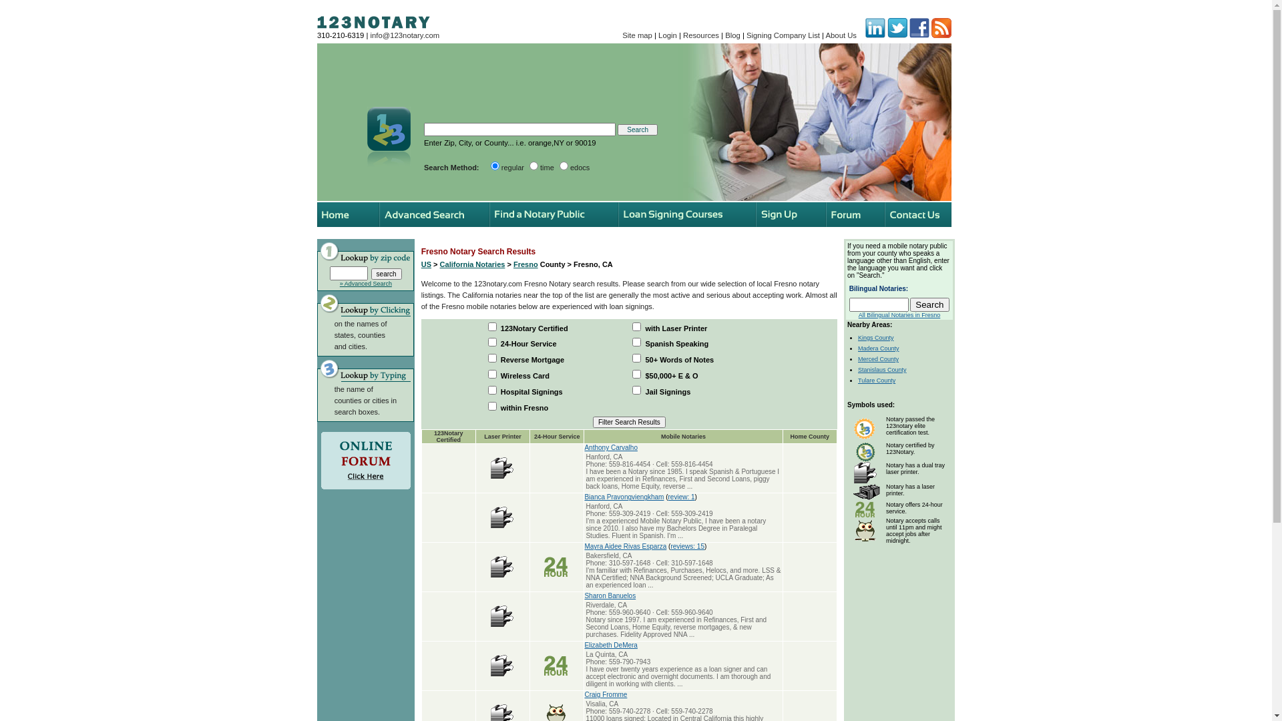 Image resolution: width=1282 pixels, height=721 pixels. What do you see at coordinates (882, 370) in the screenshot?
I see `'Stanislaus County'` at bounding box center [882, 370].